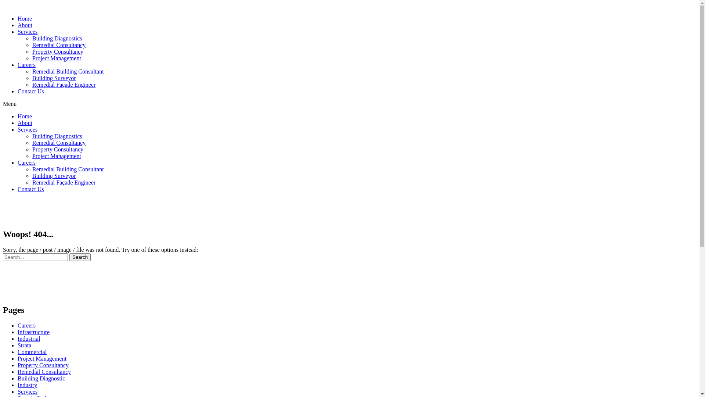 This screenshot has height=397, width=705. What do you see at coordinates (68, 71) in the screenshot?
I see `'Remedial Building Consultant'` at bounding box center [68, 71].